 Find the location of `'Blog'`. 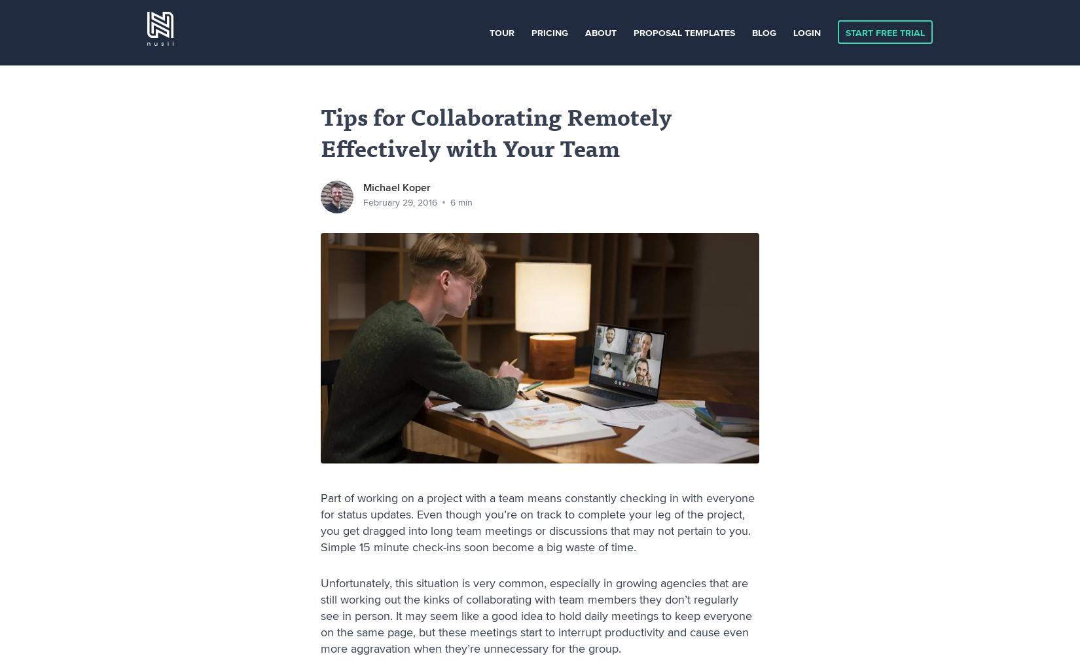

'Blog' is located at coordinates (764, 32).